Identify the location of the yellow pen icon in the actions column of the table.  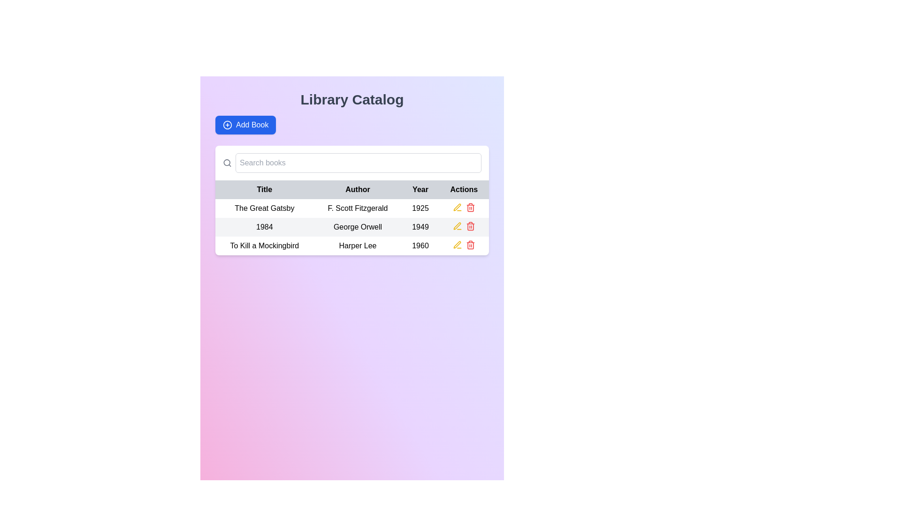
(457, 244).